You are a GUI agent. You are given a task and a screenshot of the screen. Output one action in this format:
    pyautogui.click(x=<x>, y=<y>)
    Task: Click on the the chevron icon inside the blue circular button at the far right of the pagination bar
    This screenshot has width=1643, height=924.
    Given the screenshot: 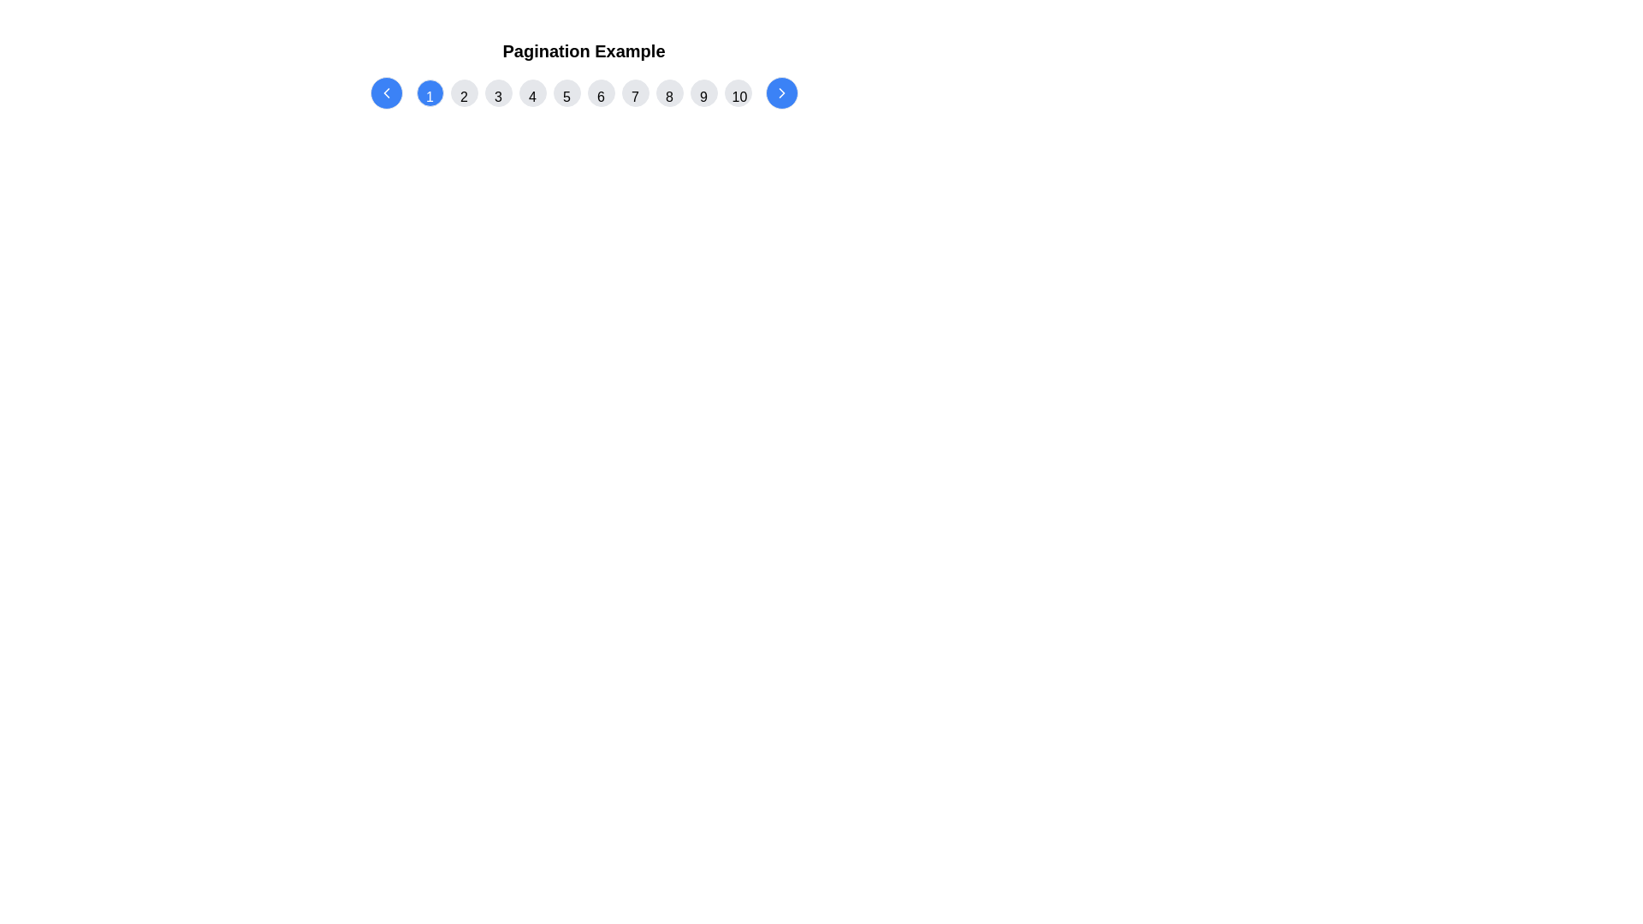 What is the action you would take?
    pyautogui.click(x=780, y=92)
    